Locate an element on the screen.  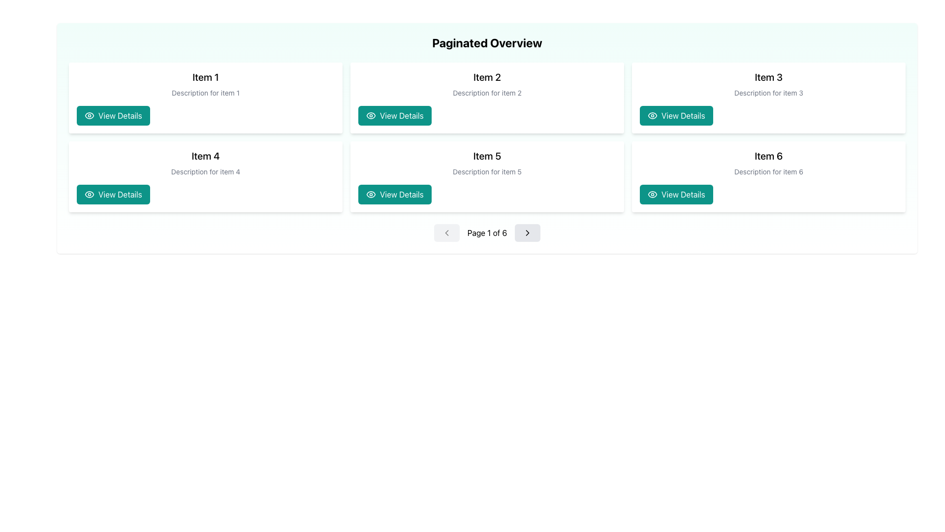
the 'View Details' button is located at coordinates (395, 194).